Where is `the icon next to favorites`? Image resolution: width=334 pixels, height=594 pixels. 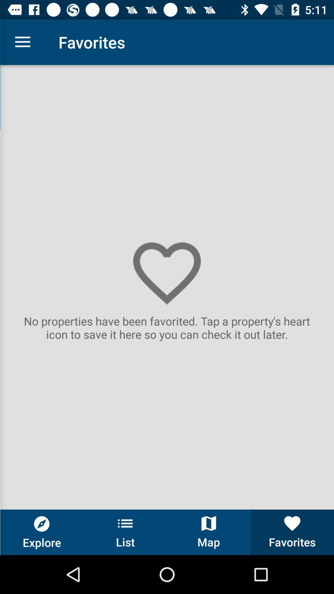 the icon next to favorites is located at coordinates (22, 42).